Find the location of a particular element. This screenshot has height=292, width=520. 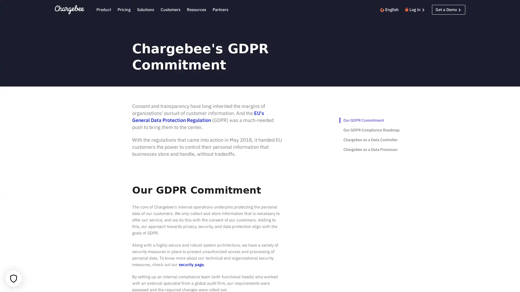

English is located at coordinates (389, 9).